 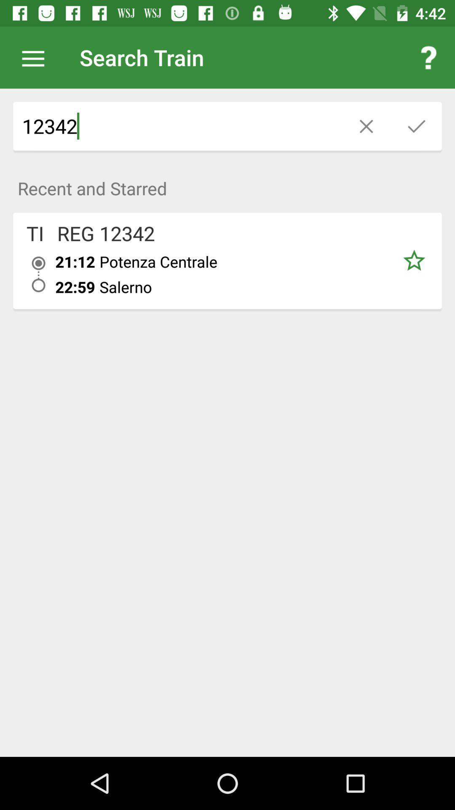 What do you see at coordinates (243, 261) in the screenshot?
I see `the potenza centrale icon` at bounding box center [243, 261].